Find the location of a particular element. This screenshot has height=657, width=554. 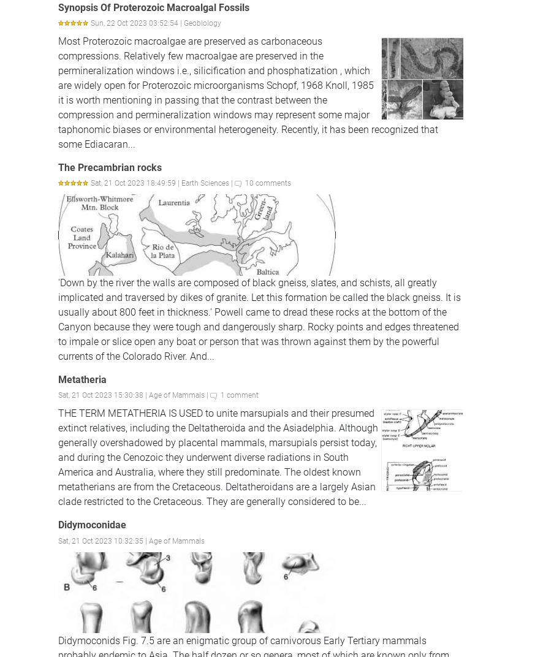

'Didymoconidae' is located at coordinates (91, 524).